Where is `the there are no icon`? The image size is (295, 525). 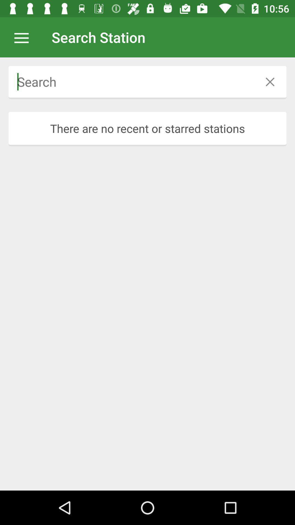
the there are no icon is located at coordinates (147, 128).